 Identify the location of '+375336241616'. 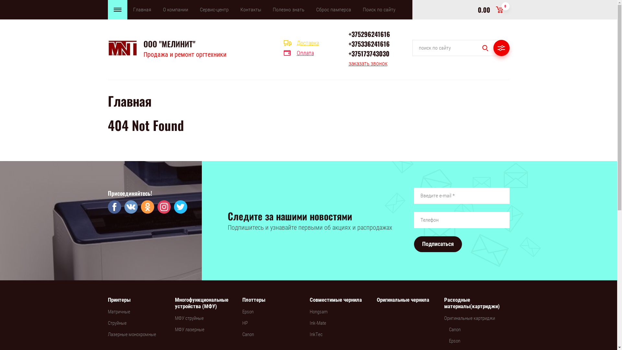
(348, 44).